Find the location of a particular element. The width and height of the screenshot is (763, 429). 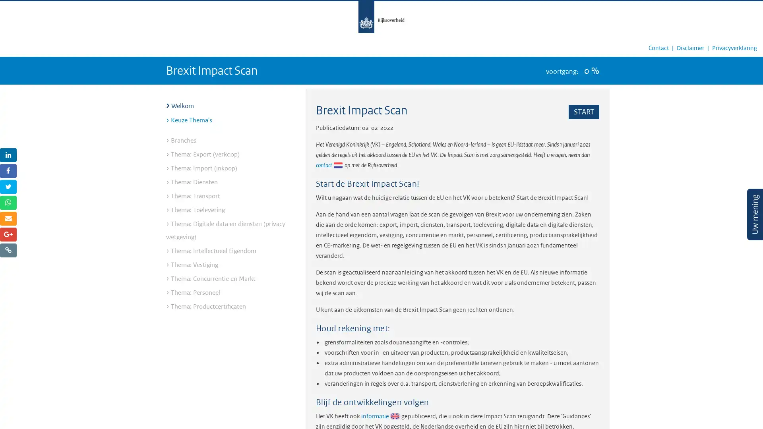

Welkom is located at coordinates (229, 105).